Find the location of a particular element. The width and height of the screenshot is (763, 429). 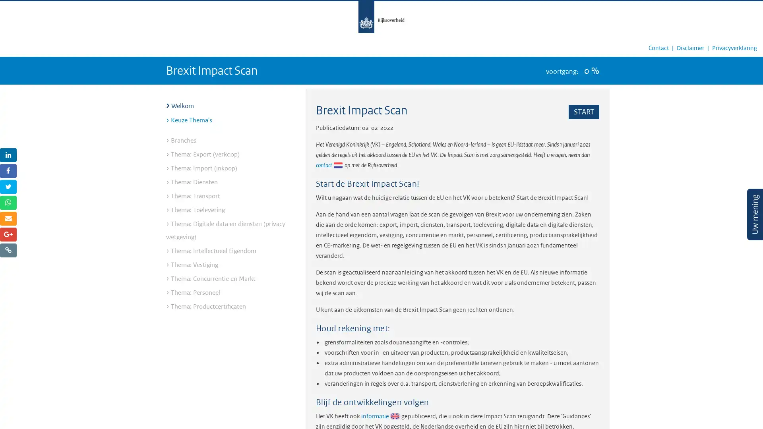

Welkom is located at coordinates (229, 105).